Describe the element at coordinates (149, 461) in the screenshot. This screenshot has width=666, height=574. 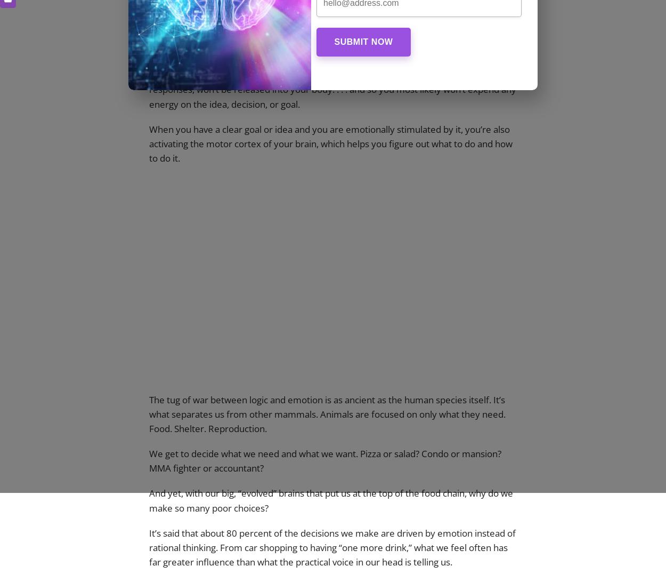
I see `'We get to decide what we need and what we want. Pizza or salad? Condo or mansion? MMA fighter or accountant?'` at that location.